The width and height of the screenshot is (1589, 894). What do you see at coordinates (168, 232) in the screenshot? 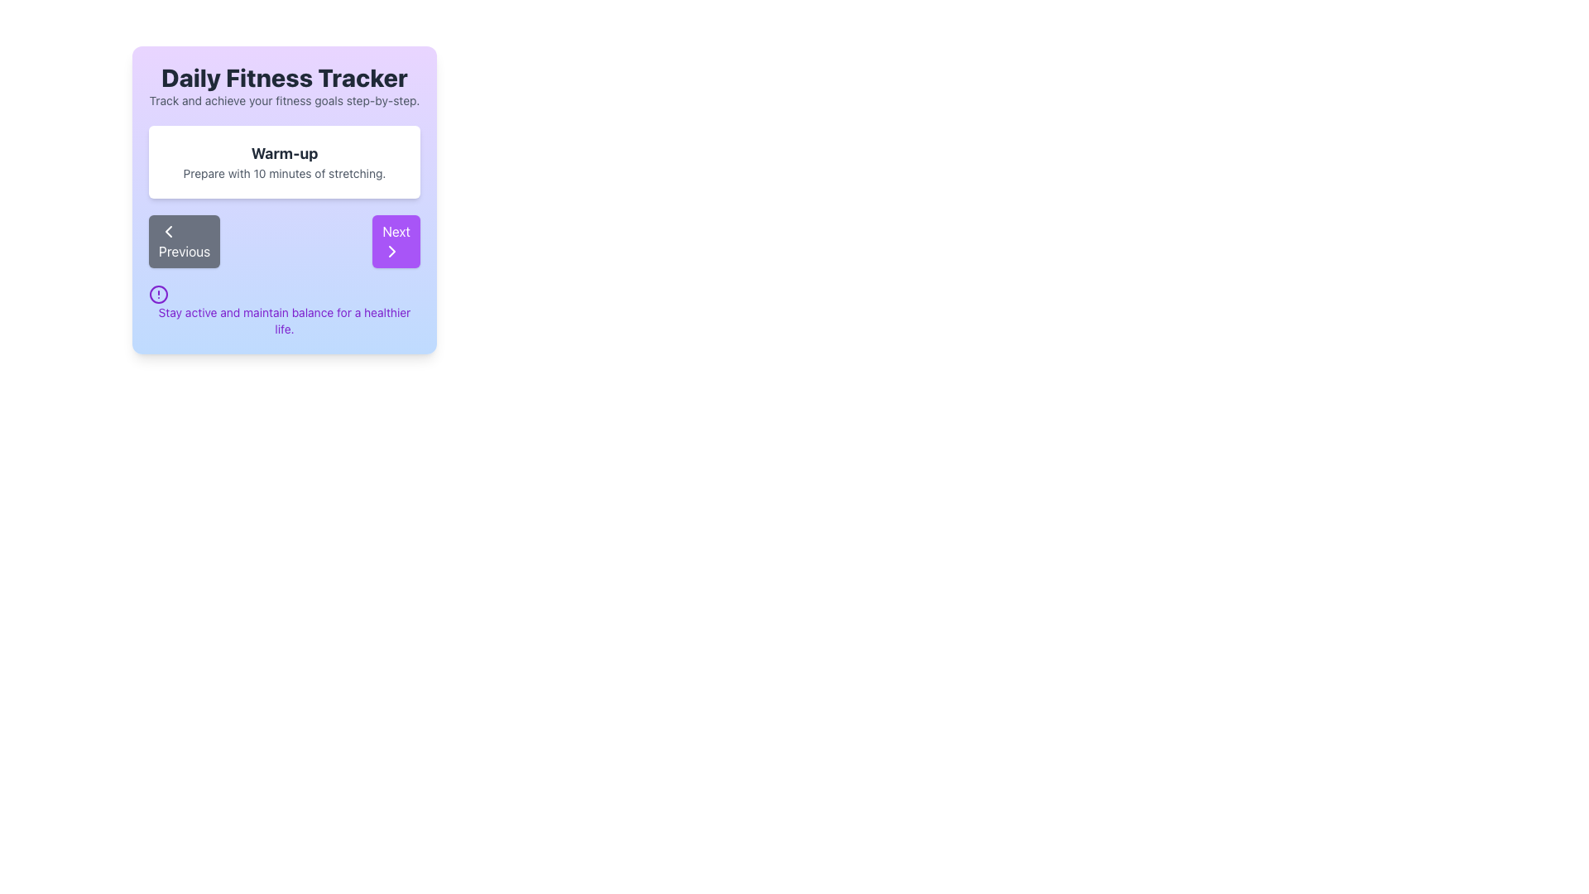
I see `the backward arrow icon located within the 'Previous' button on the bottom left corner of the main interface card` at bounding box center [168, 232].